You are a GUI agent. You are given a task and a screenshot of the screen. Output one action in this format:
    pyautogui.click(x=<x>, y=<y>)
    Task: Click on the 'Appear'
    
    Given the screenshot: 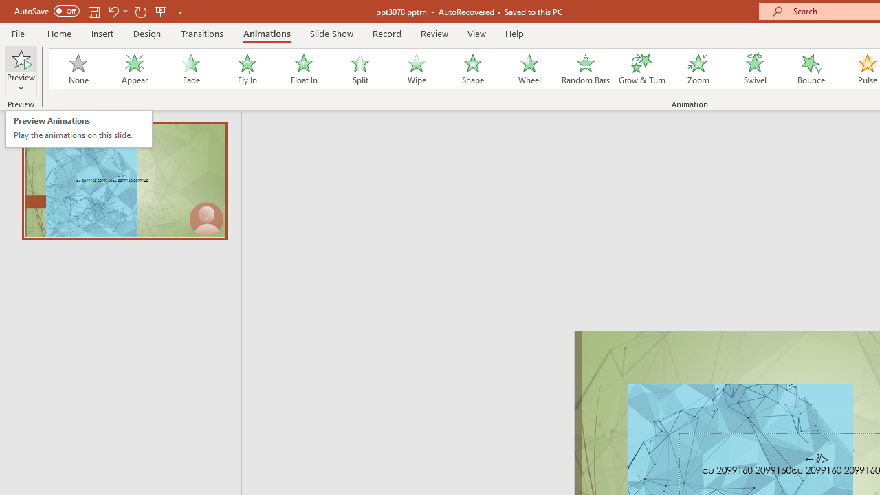 What is the action you would take?
    pyautogui.click(x=134, y=69)
    